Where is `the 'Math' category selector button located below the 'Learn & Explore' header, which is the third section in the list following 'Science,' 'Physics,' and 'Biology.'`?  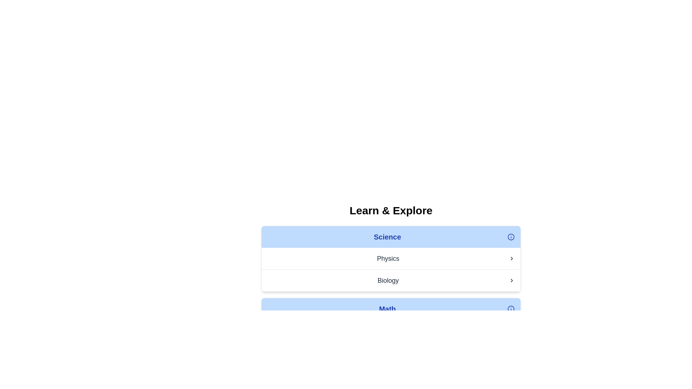
the 'Math' category selector button located below the 'Learn & Explore' header, which is the third section in the list following 'Science,' 'Physics,' and 'Biology.' is located at coordinates (390, 308).